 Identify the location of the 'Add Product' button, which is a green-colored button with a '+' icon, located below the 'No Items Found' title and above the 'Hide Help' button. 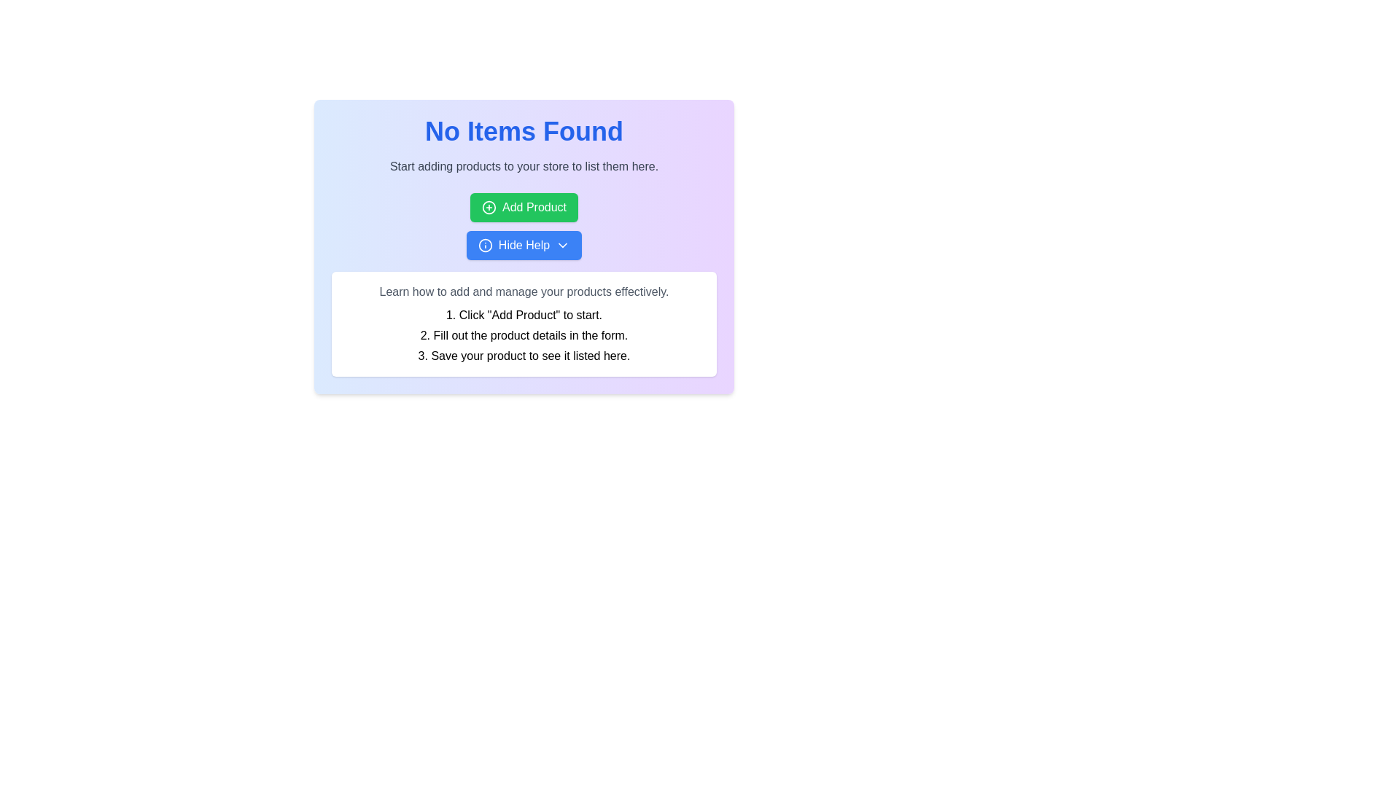
(524, 227).